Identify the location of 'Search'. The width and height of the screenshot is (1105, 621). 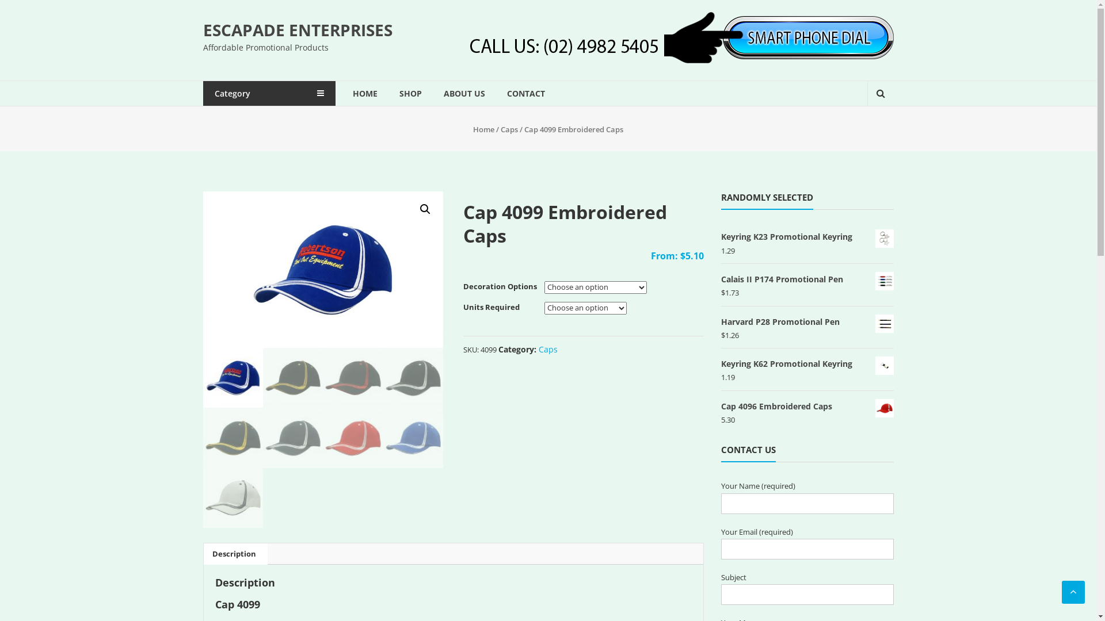
(873, 132).